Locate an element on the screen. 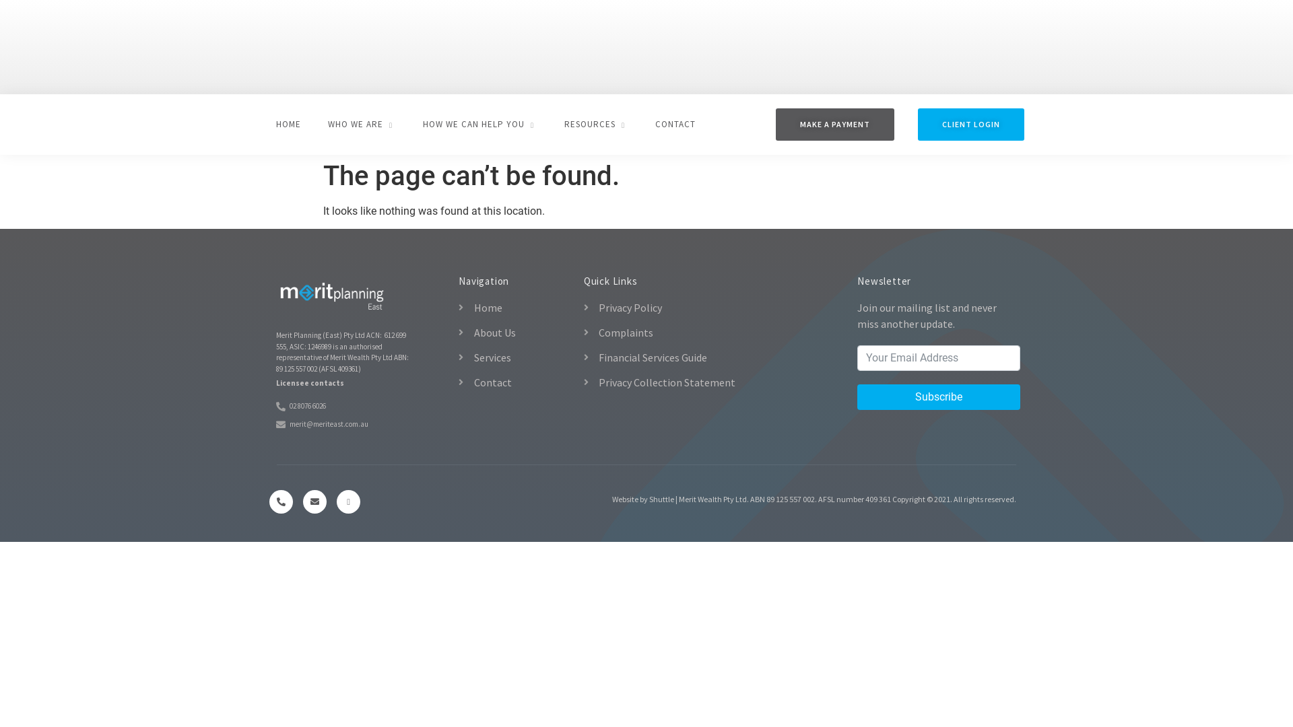 This screenshot has height=727, width=1293. 'merit@meriteast.com.au' is located at coordinates (350, 425).